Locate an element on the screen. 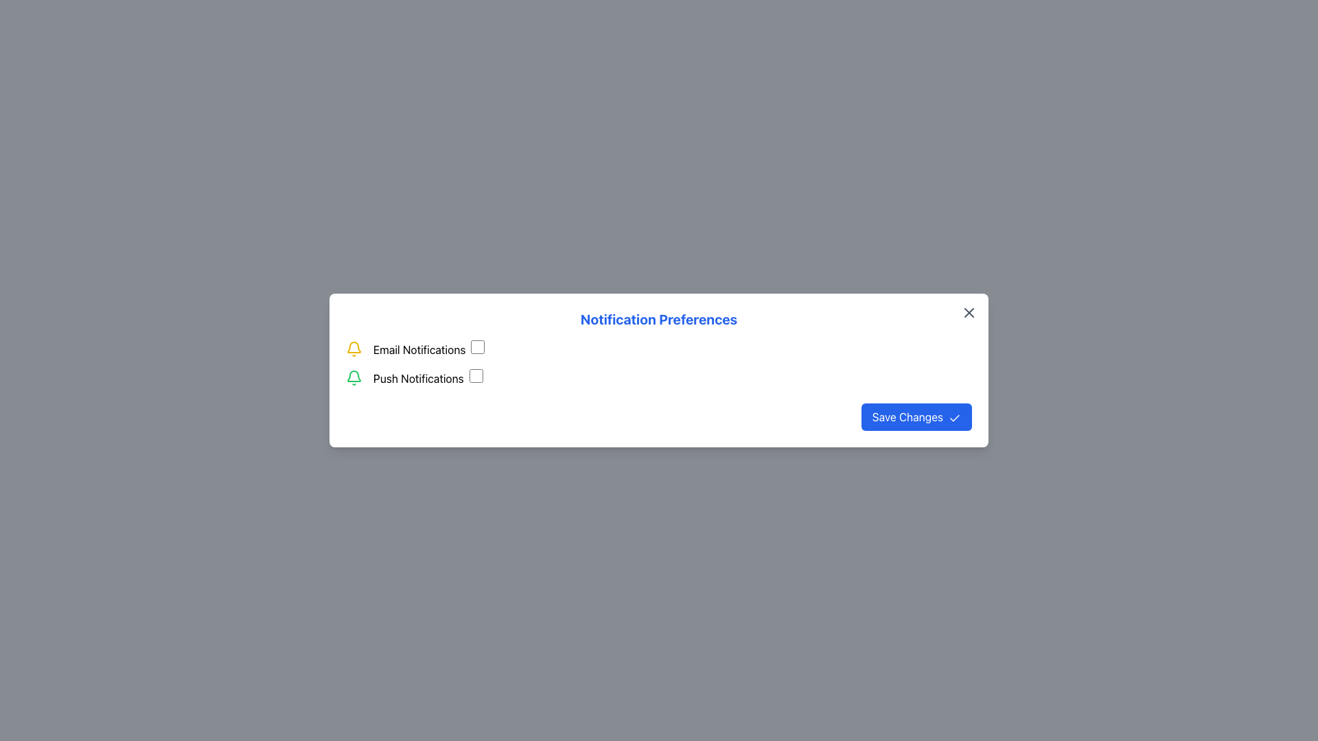 This screenshot has width=1318, height=741. text heading for the notification preferences section, which serves as the title indicating the content of the module is located at coordinates (659, 320).